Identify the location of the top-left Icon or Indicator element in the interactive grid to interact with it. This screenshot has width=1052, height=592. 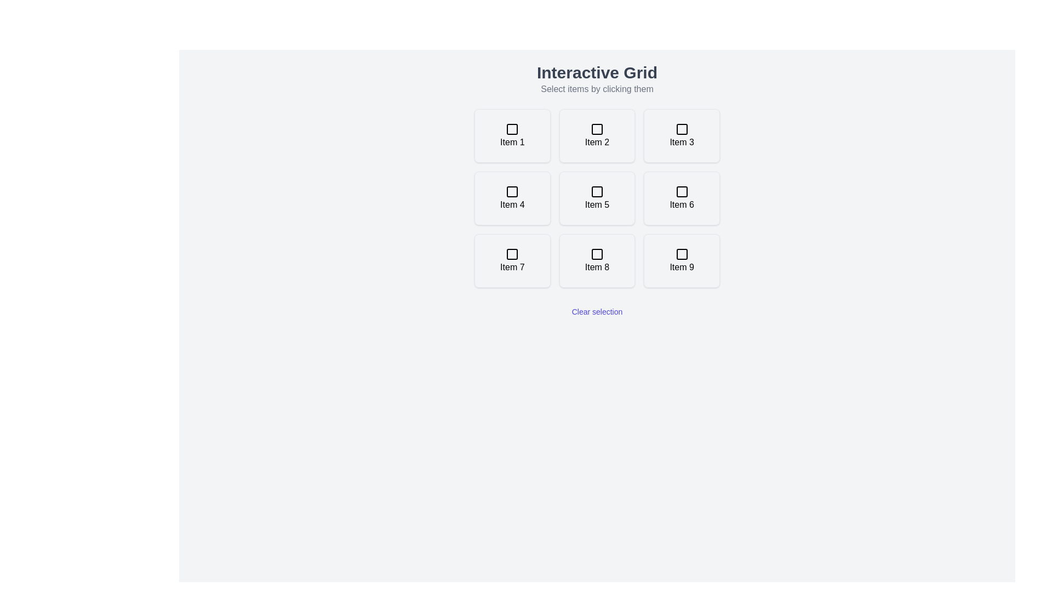
(512, 128).